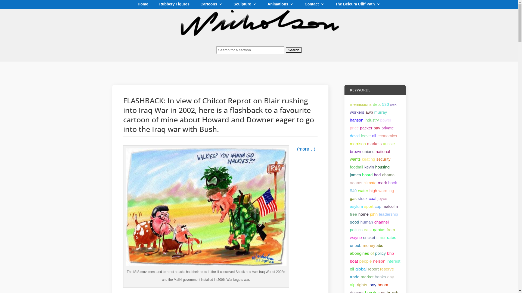 Image resolution: width=522 pixels, height=293 pixels. I want to click on 'aborigines', so click(359, 253).